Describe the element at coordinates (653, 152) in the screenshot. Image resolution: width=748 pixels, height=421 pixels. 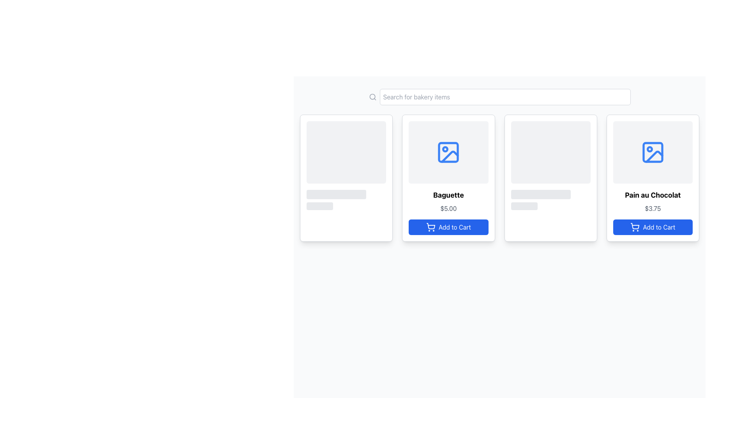
I see `the icon representing the image placeholder in the rightmost product card labeled 'Pain au Chocolat'` at that location.